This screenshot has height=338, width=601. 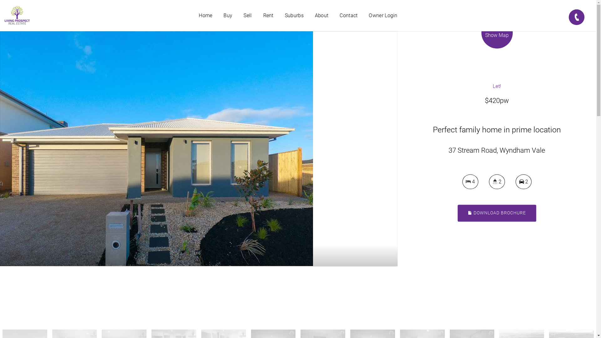 I want to click on 'Contact', so click(x=348, y=15).